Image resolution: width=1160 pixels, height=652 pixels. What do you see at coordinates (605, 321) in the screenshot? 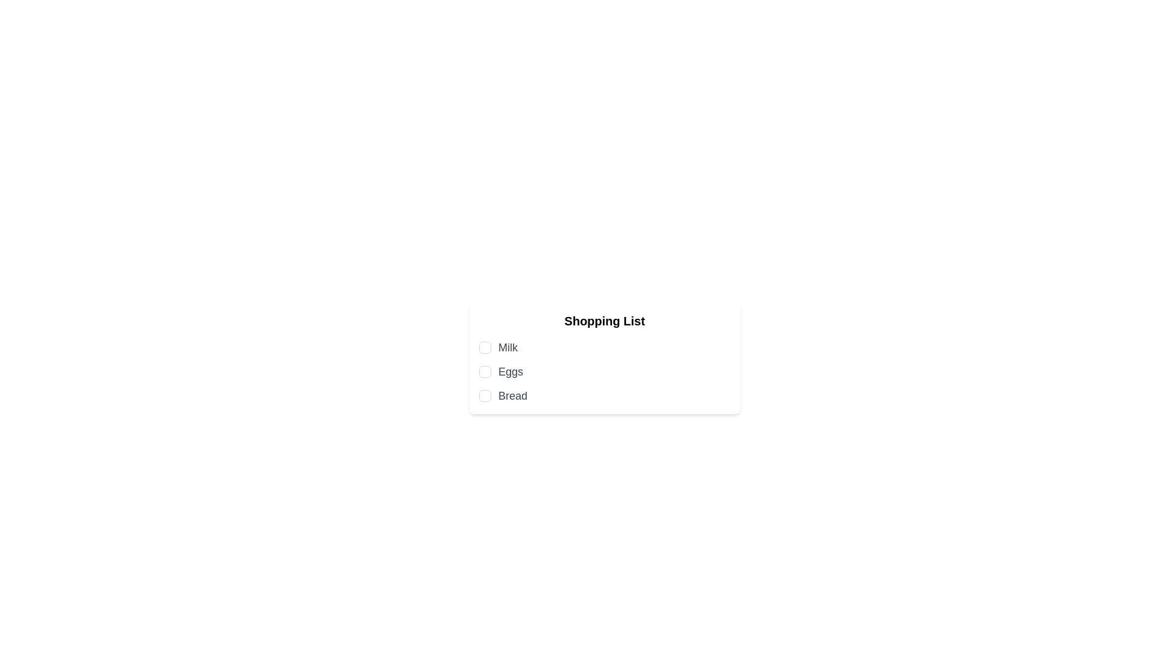
I see `the text header element styled with bold text that contains 'Shopping List', which serves as the title for the section above the list of items` at bounding box center [605, 321].